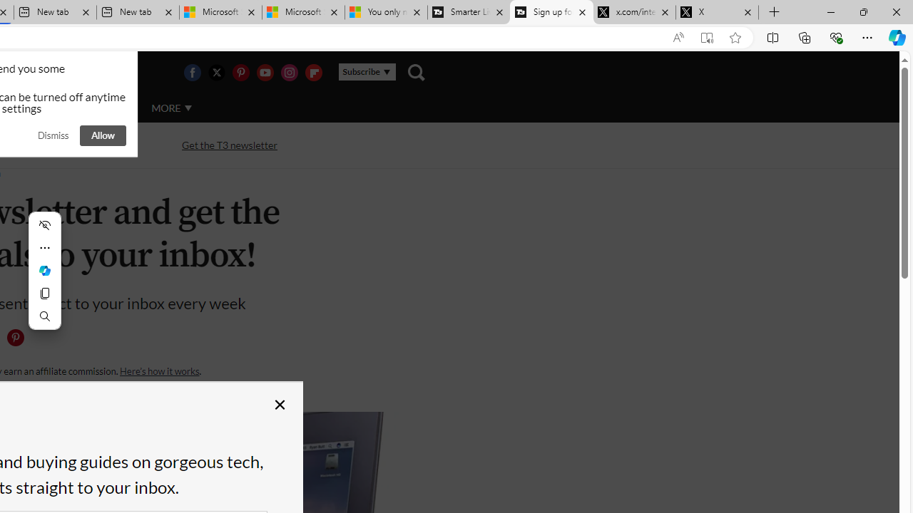 The image size is (913, 513). What do you see at coordinates (707, 37) in the screenshot?
I see `'Enter Immersive Reader (F9)'` at bounding box center [707, 37].